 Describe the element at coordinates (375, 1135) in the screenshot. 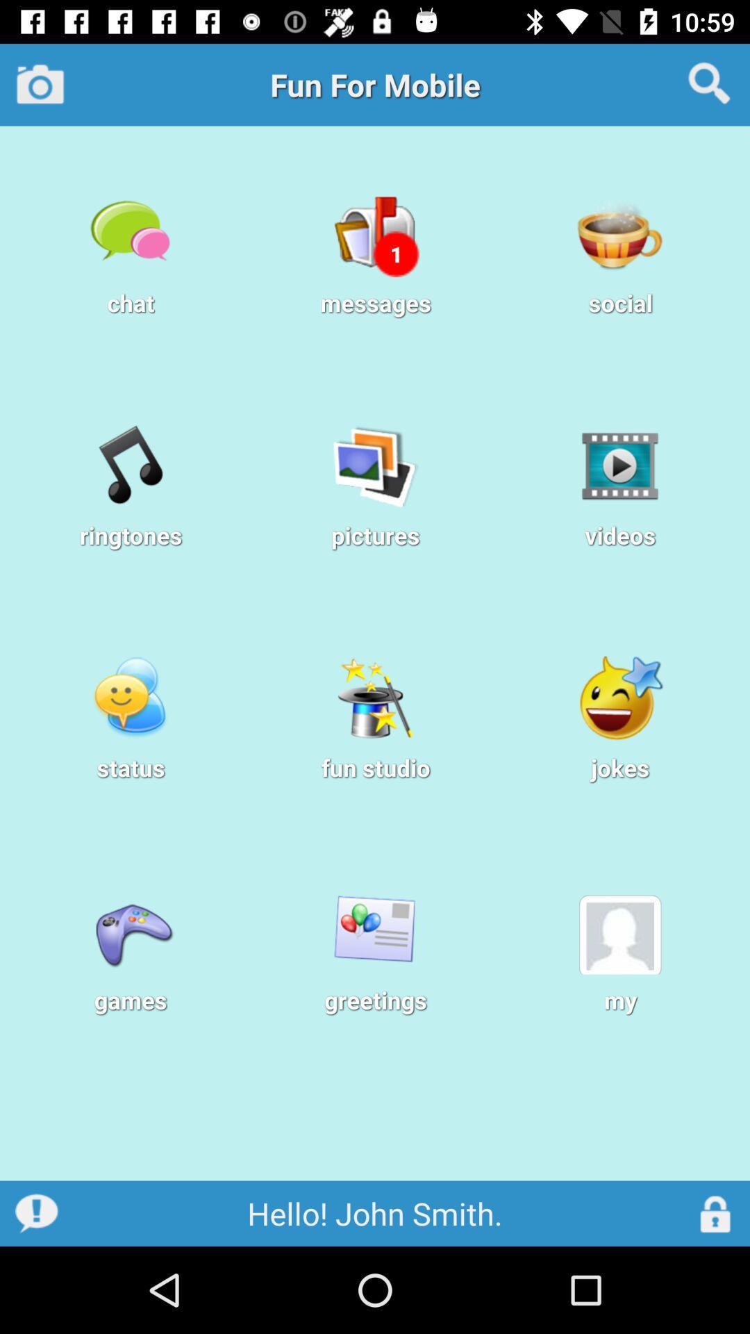

I see `the app below the games item` at that location.